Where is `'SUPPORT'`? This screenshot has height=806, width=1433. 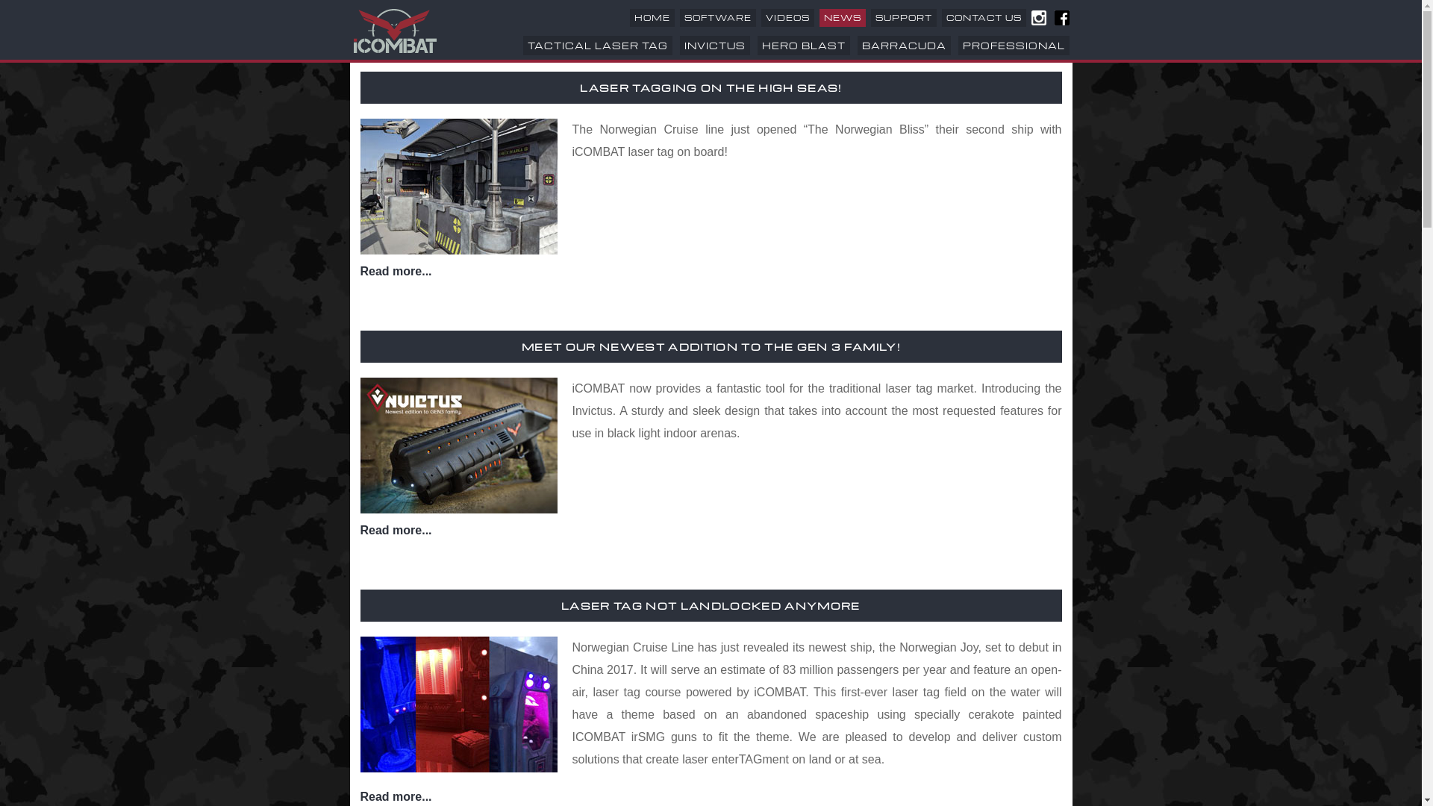
'SUPPORT' is located at coordinates (902, 17).